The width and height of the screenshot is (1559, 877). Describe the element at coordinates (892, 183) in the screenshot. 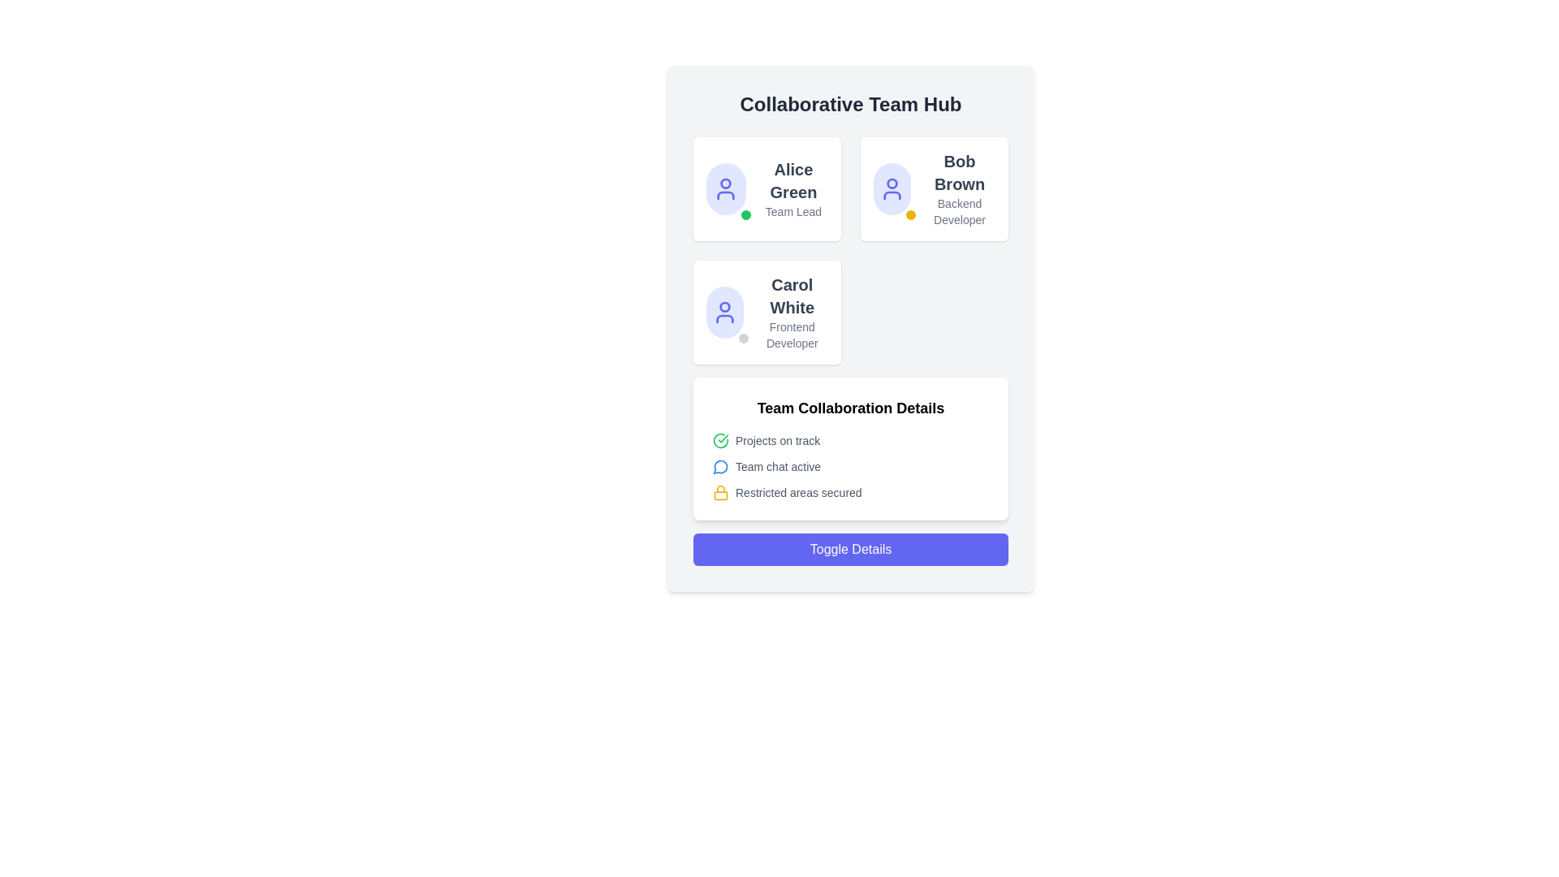

I see `graphical component representing the user 'Bob Brown' in the Collaborative Team Hub section, located at the top-middle of the interface` at that location.